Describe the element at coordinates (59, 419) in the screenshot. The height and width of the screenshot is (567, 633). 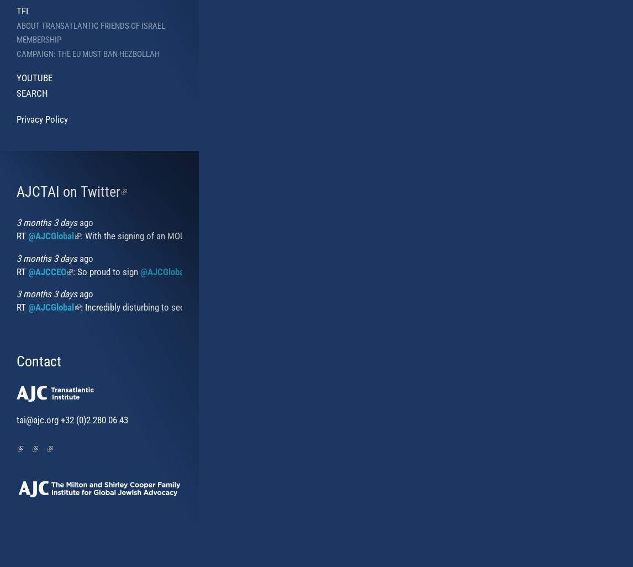
I see `'+32 (0)2 280 06 43'` at that location.